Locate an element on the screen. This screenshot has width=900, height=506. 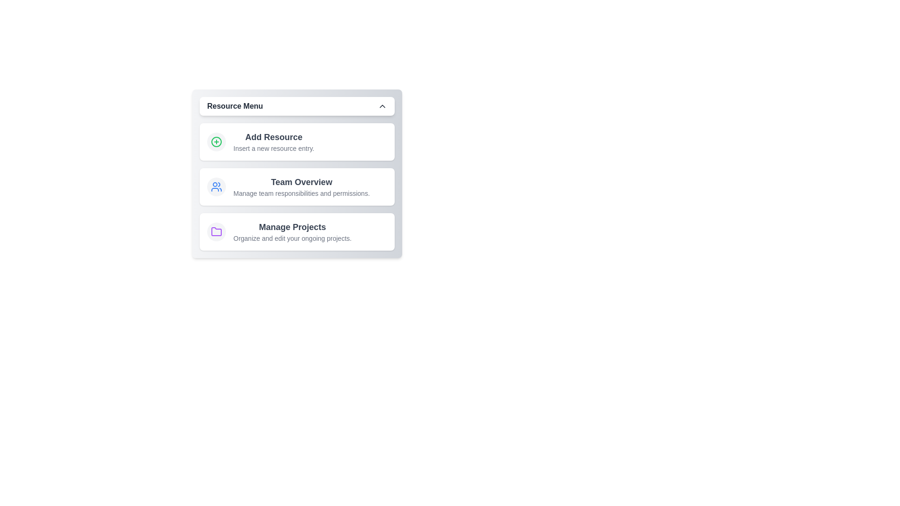
the 'Manage Projects' item in the menu is located at coordinates (296, 231).